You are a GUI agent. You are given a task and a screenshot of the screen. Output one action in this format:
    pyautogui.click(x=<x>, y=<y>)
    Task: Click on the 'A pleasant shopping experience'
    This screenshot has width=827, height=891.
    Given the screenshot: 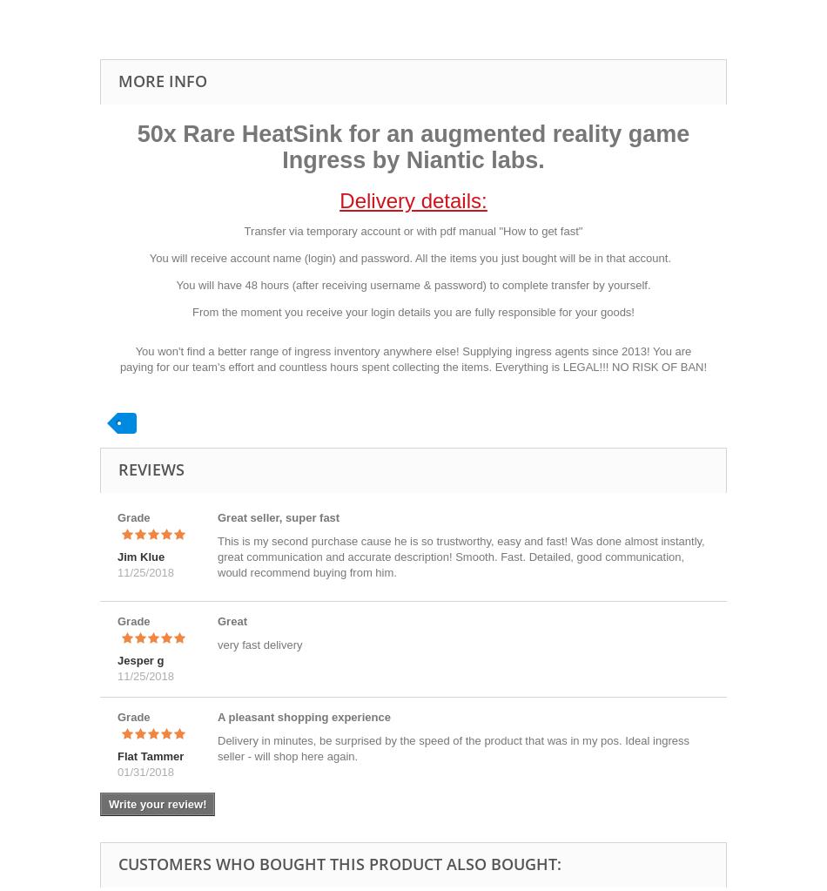 What is the action you would take?
    pyautogui.click(x=303, y=717)
    